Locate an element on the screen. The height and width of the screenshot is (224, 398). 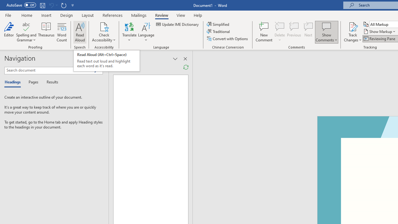
'Headings' is located at coordinates (14, 82).